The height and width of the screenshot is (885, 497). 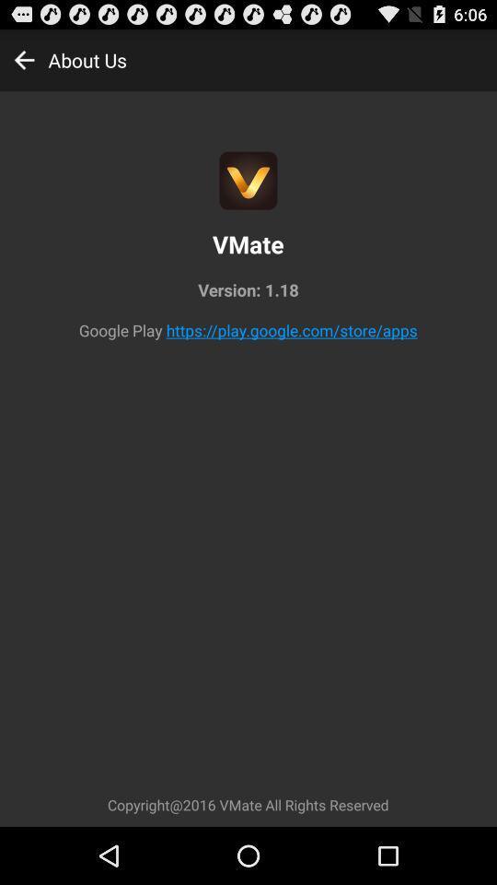 What do you see at coordinates (292, 330) in the screenshot?
I see `https play google at the center` at bounding box center [292, 330].